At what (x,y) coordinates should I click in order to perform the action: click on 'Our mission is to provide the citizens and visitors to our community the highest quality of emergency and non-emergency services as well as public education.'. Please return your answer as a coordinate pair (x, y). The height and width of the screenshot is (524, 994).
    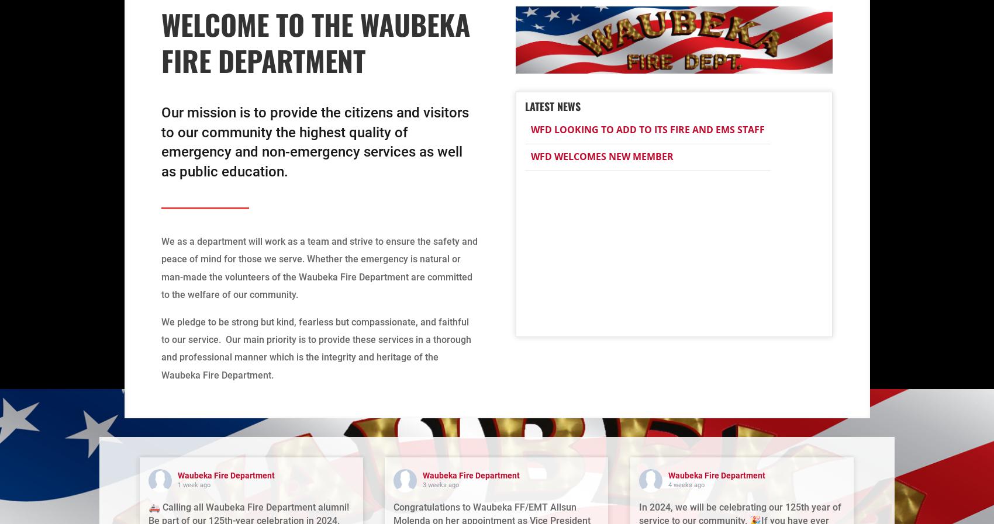
    Looking at the image, I should click on (315, 141).